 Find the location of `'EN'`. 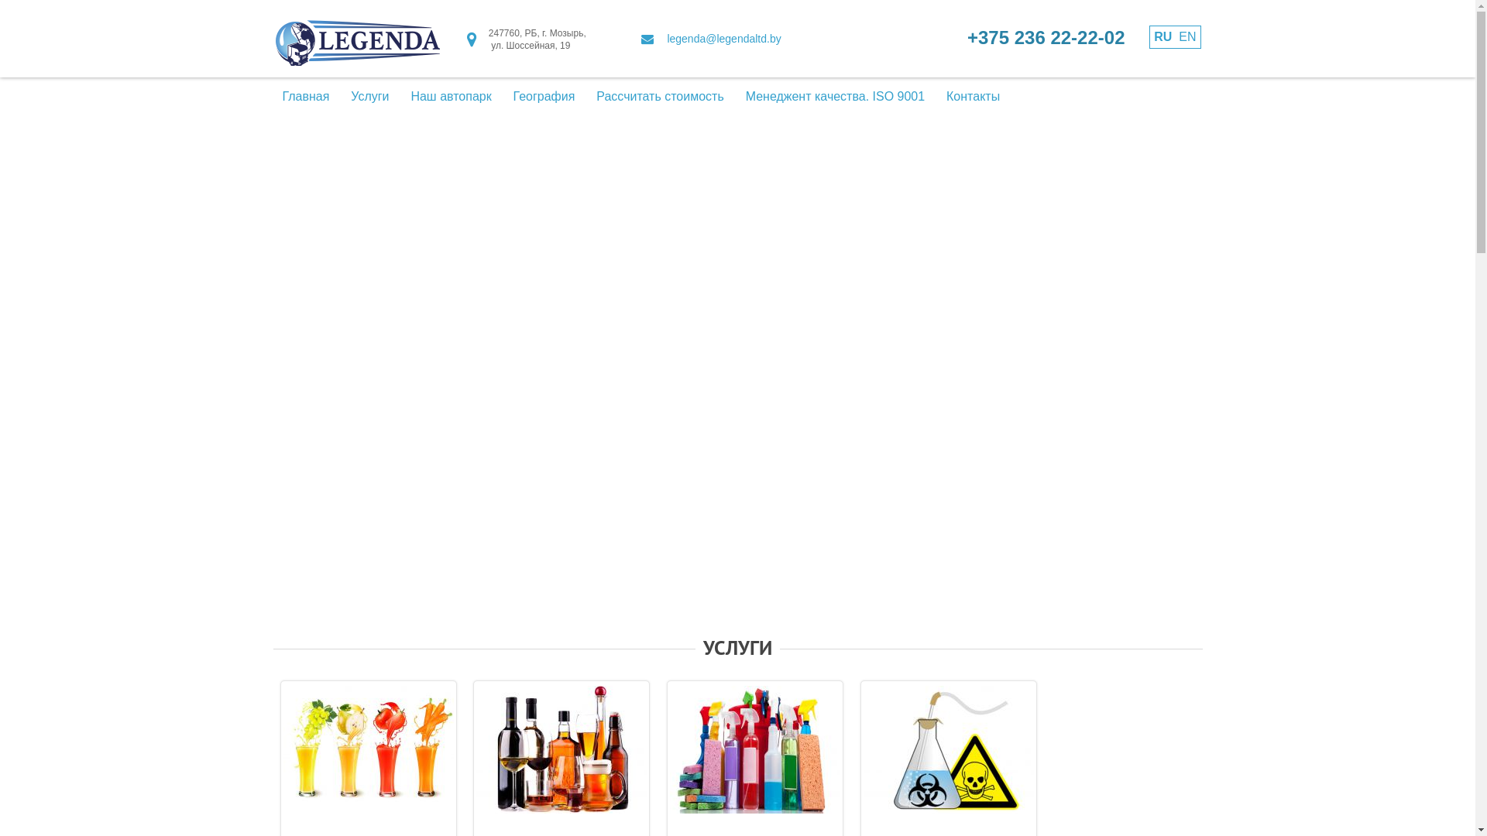

'EN' is located at coordinates (1177, 36).